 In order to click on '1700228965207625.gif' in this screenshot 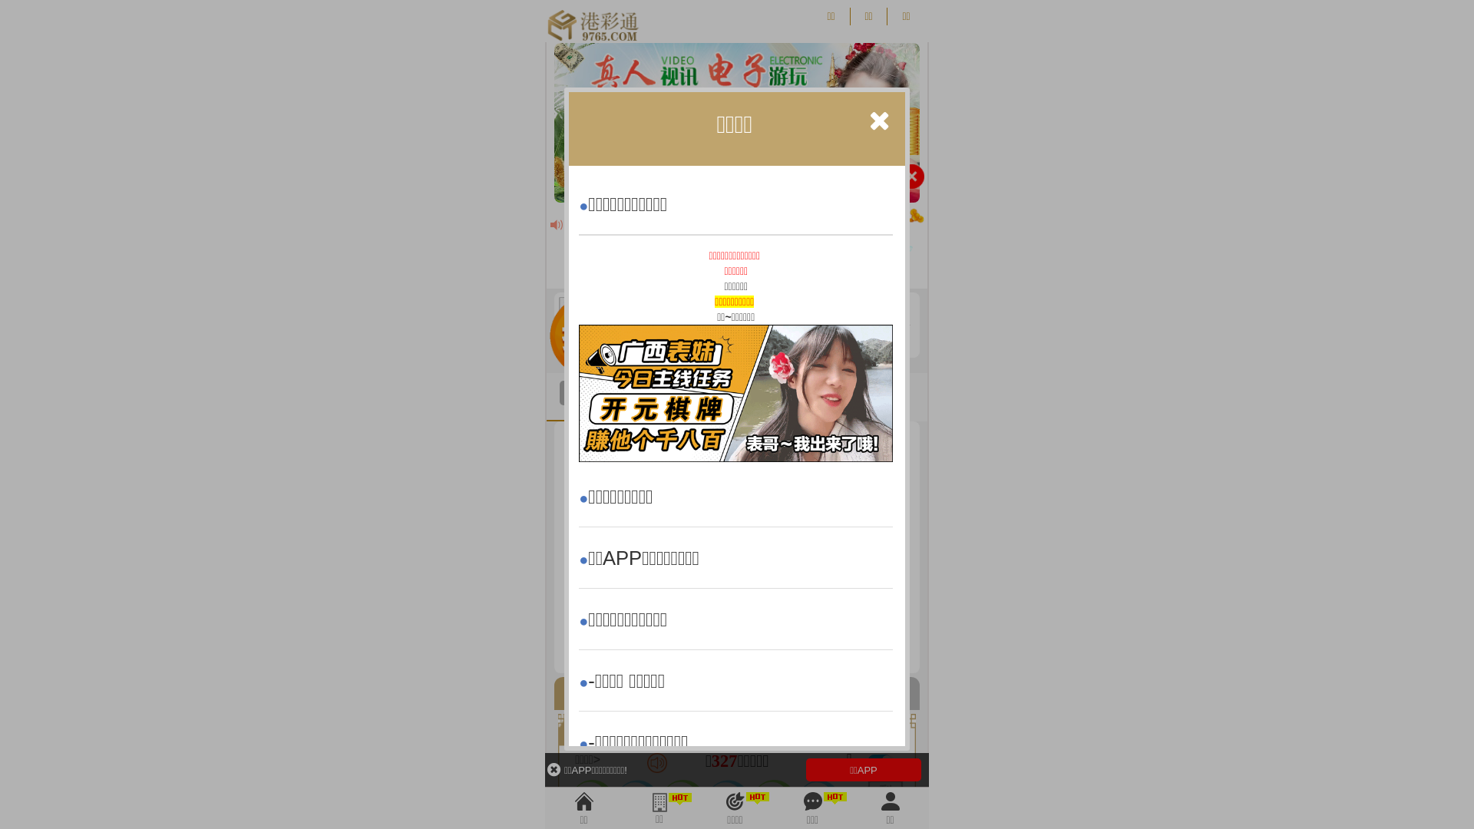, I will do `click(735, 392)`.